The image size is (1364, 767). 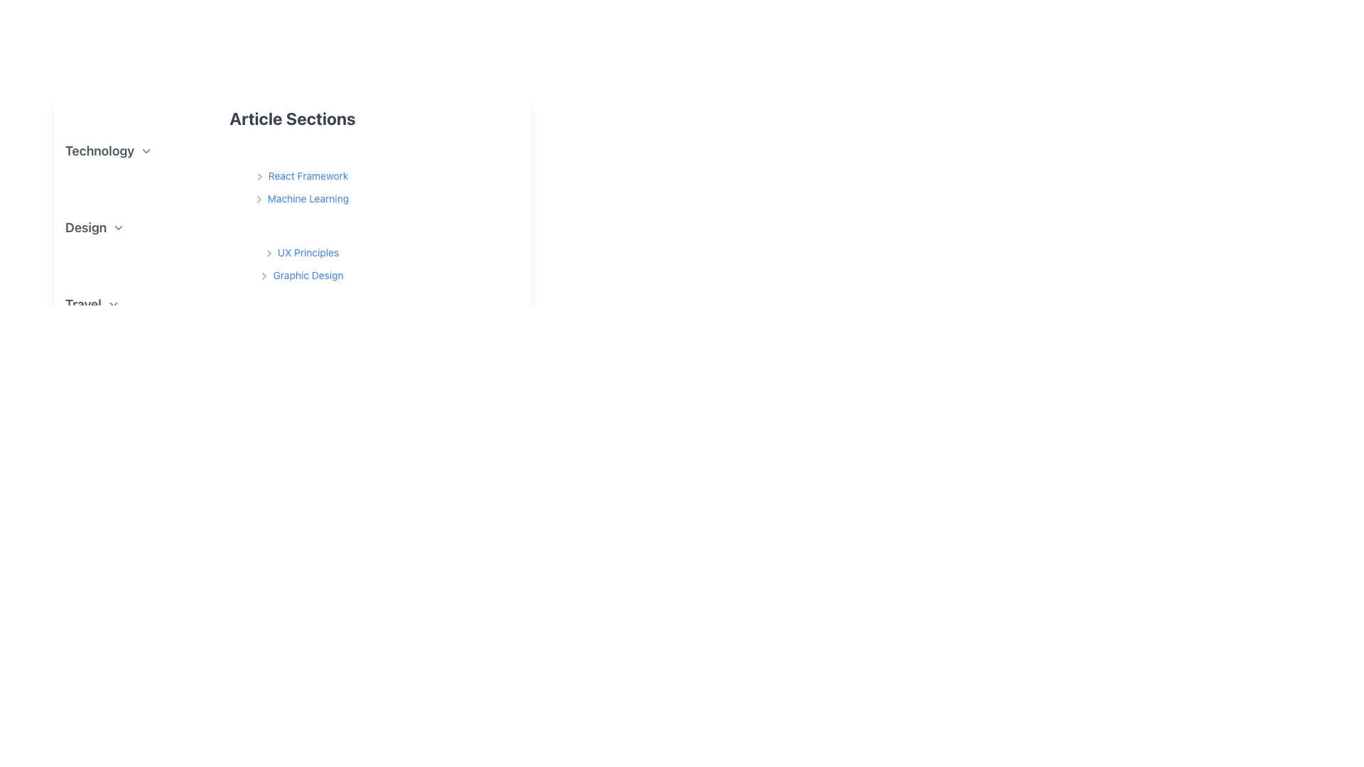 What do you see at coordinates (292, 173) in the screenshot?
I see `the navigation links in the Interactive List under the 'Technology' section` at bounding box center [292, 173].